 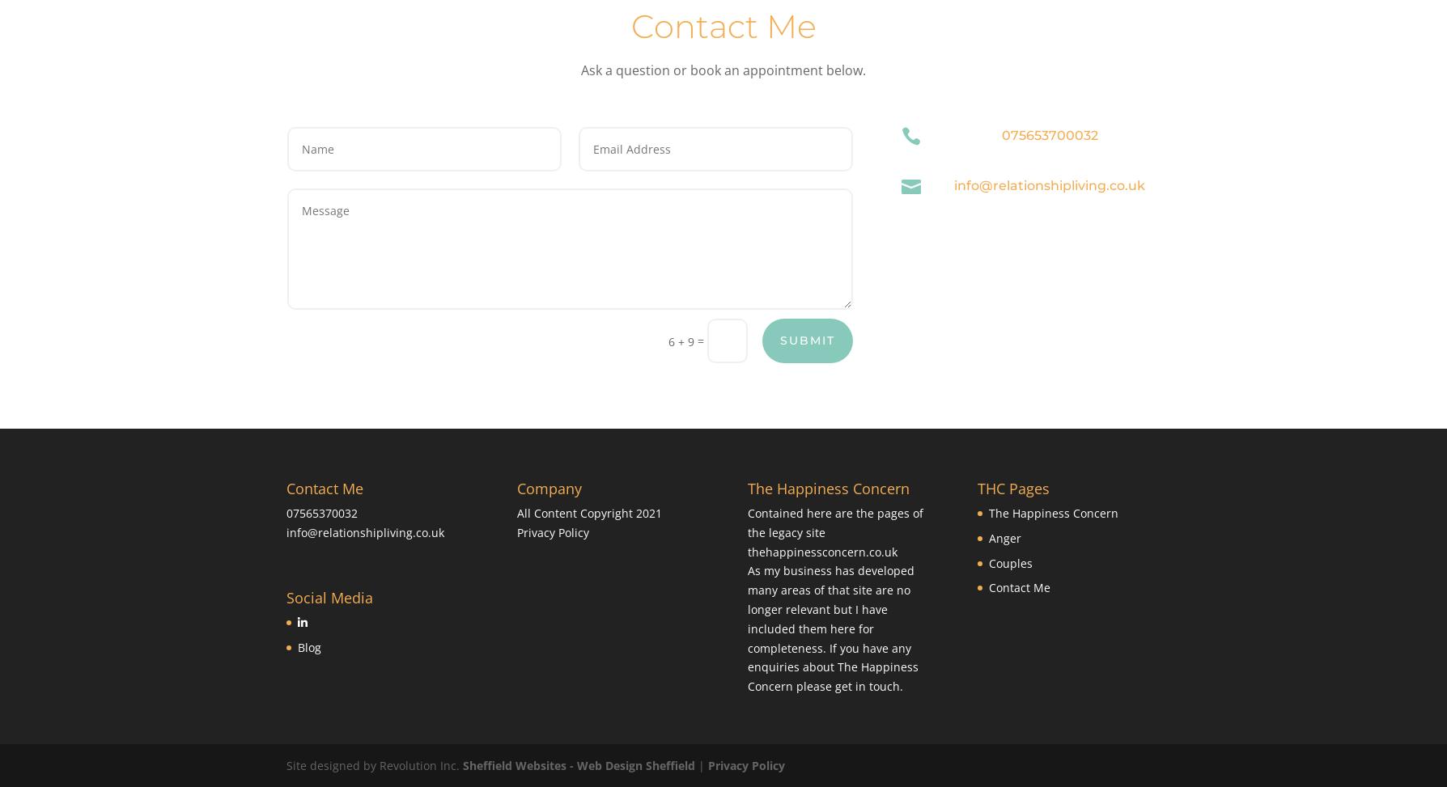 I want to click on 'Anger', so click(x=1004, y=536).